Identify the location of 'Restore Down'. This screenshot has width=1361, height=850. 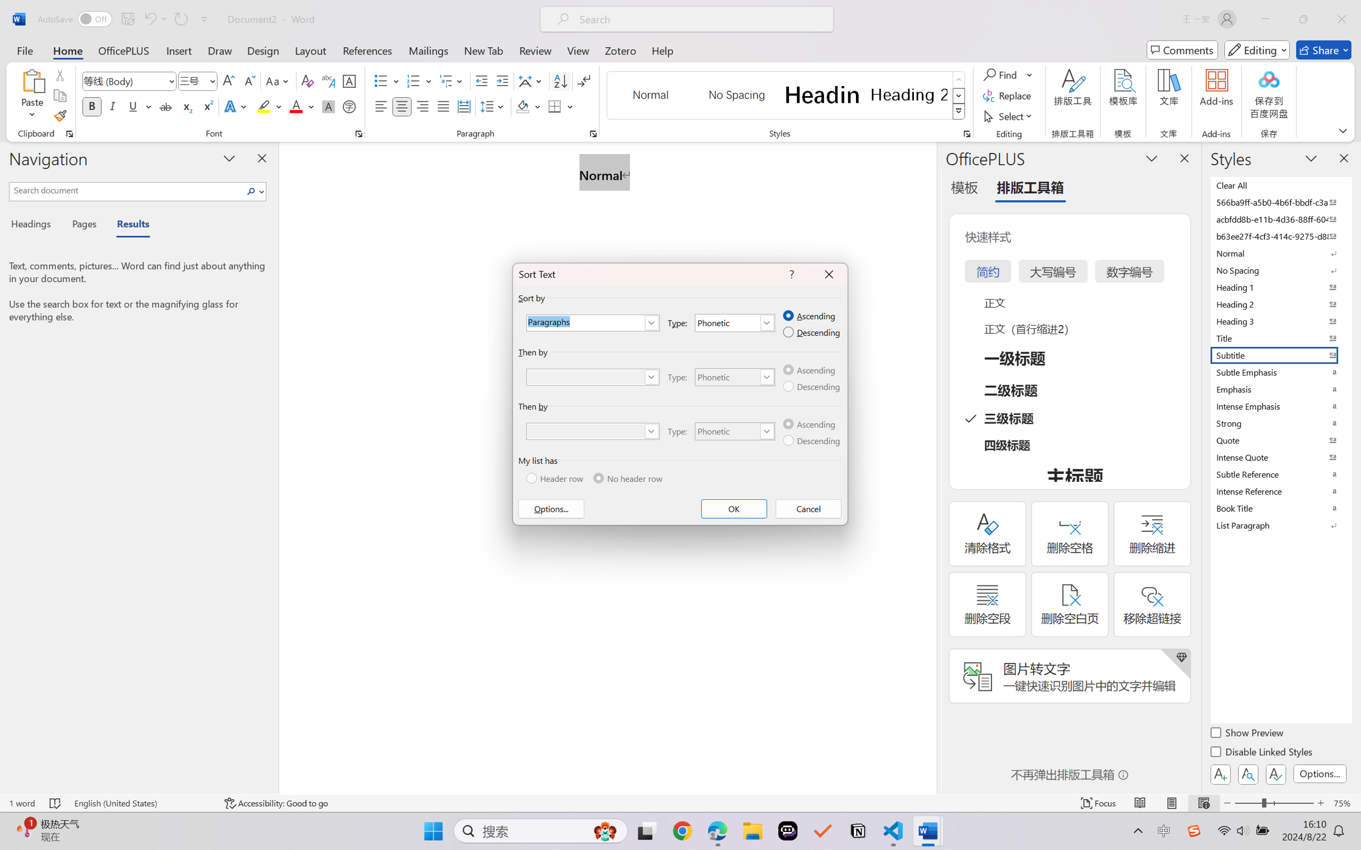
(1304, 19).